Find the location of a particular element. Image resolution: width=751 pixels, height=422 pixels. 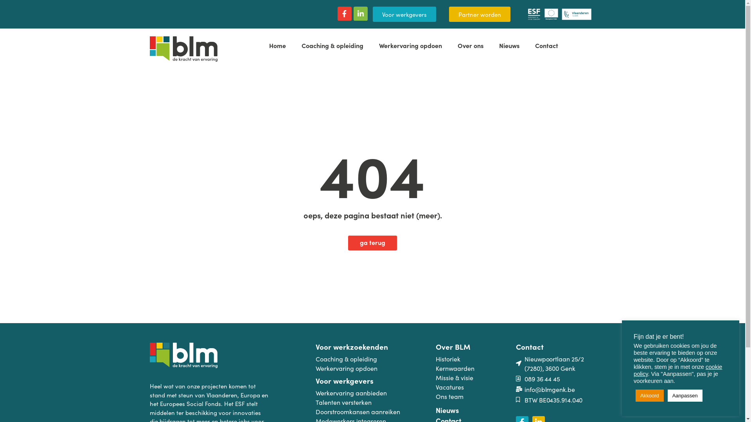

'Missie & visie' is located at coordinates (475, 377).